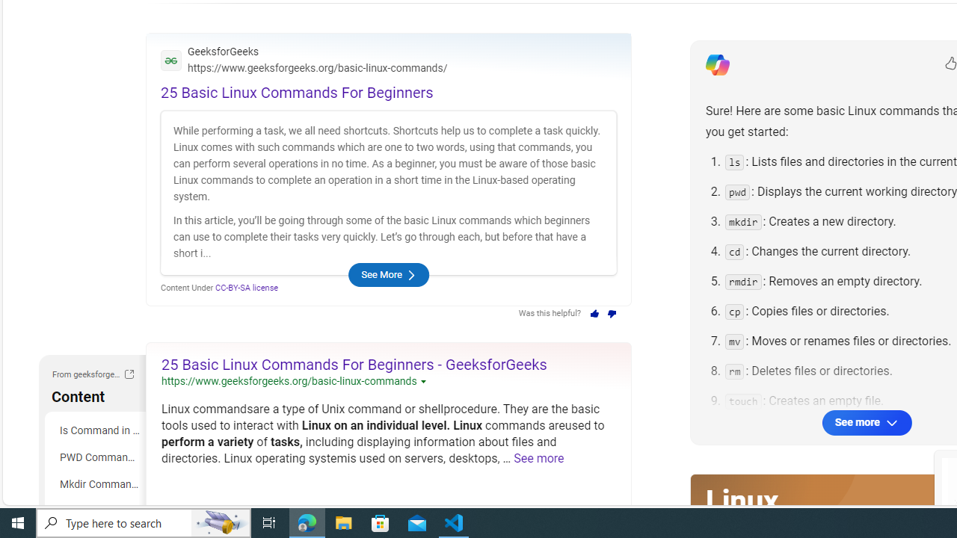 This screenshot has height=538, width=957. I want to click on 'Is Command in Linux', so click(97, 430).